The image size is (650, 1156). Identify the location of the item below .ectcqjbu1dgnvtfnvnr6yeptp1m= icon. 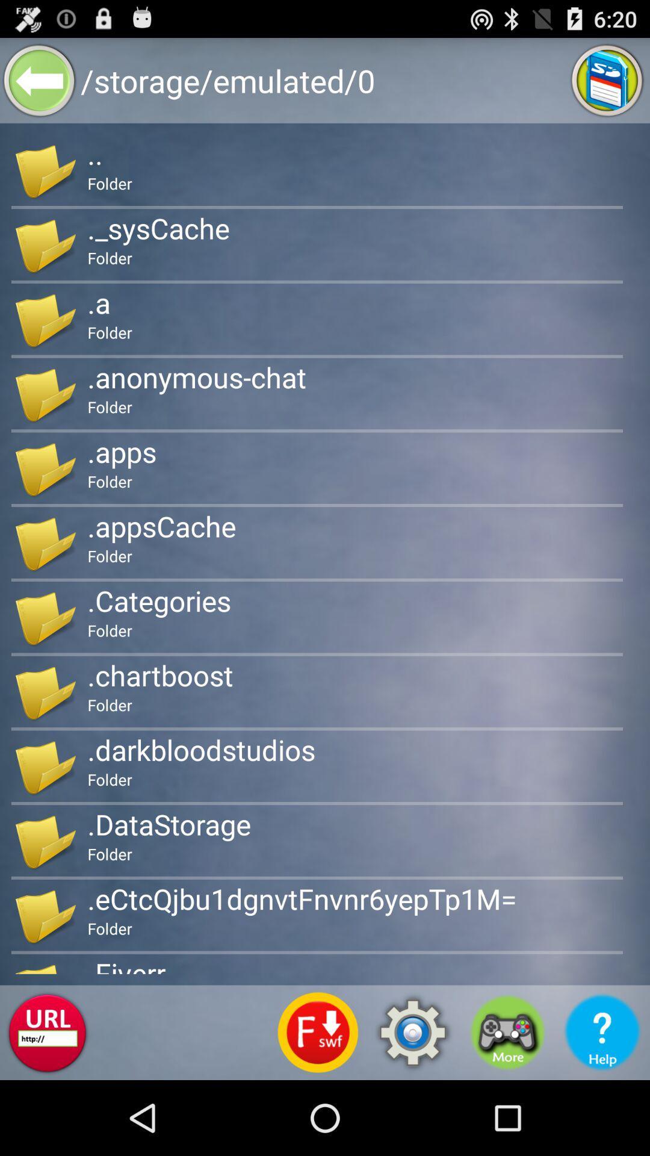
(412, 1032).